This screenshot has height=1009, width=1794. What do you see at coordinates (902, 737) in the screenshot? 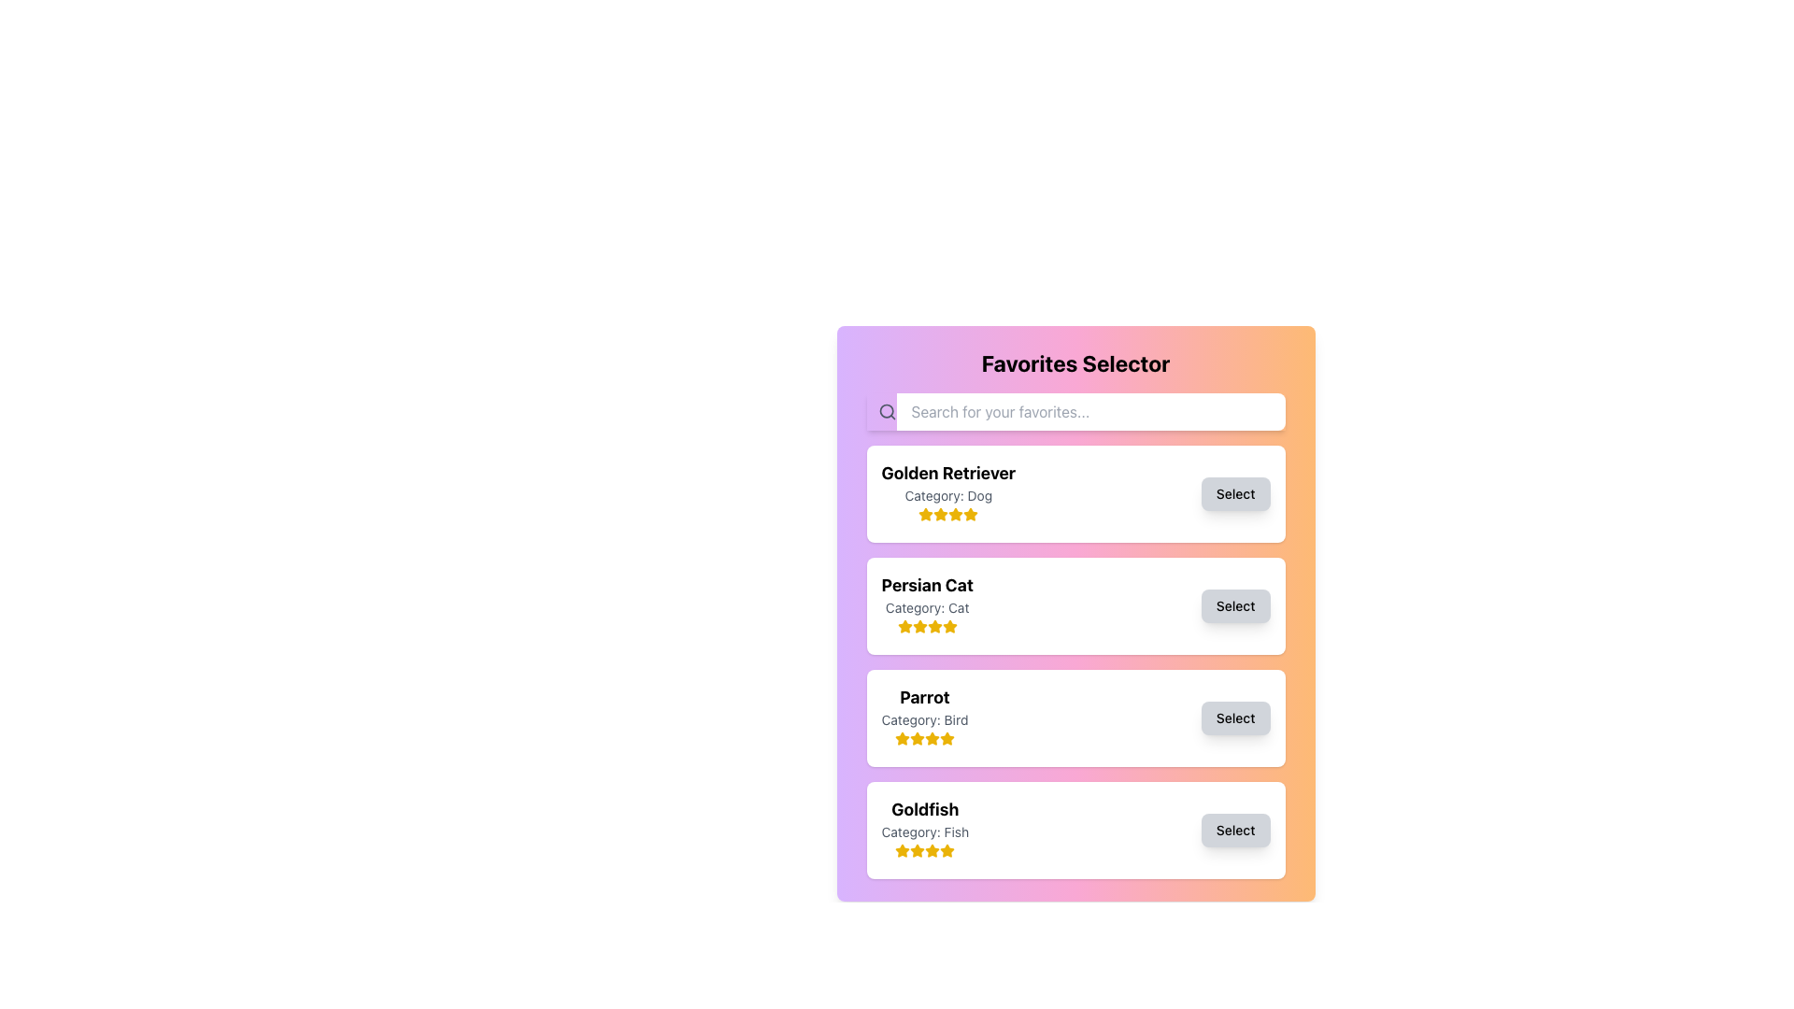
I see `the second star icon in the rating section of the 'Parrot' item entry in the 'Favorites Selector'` at bounding box center [902, 737].